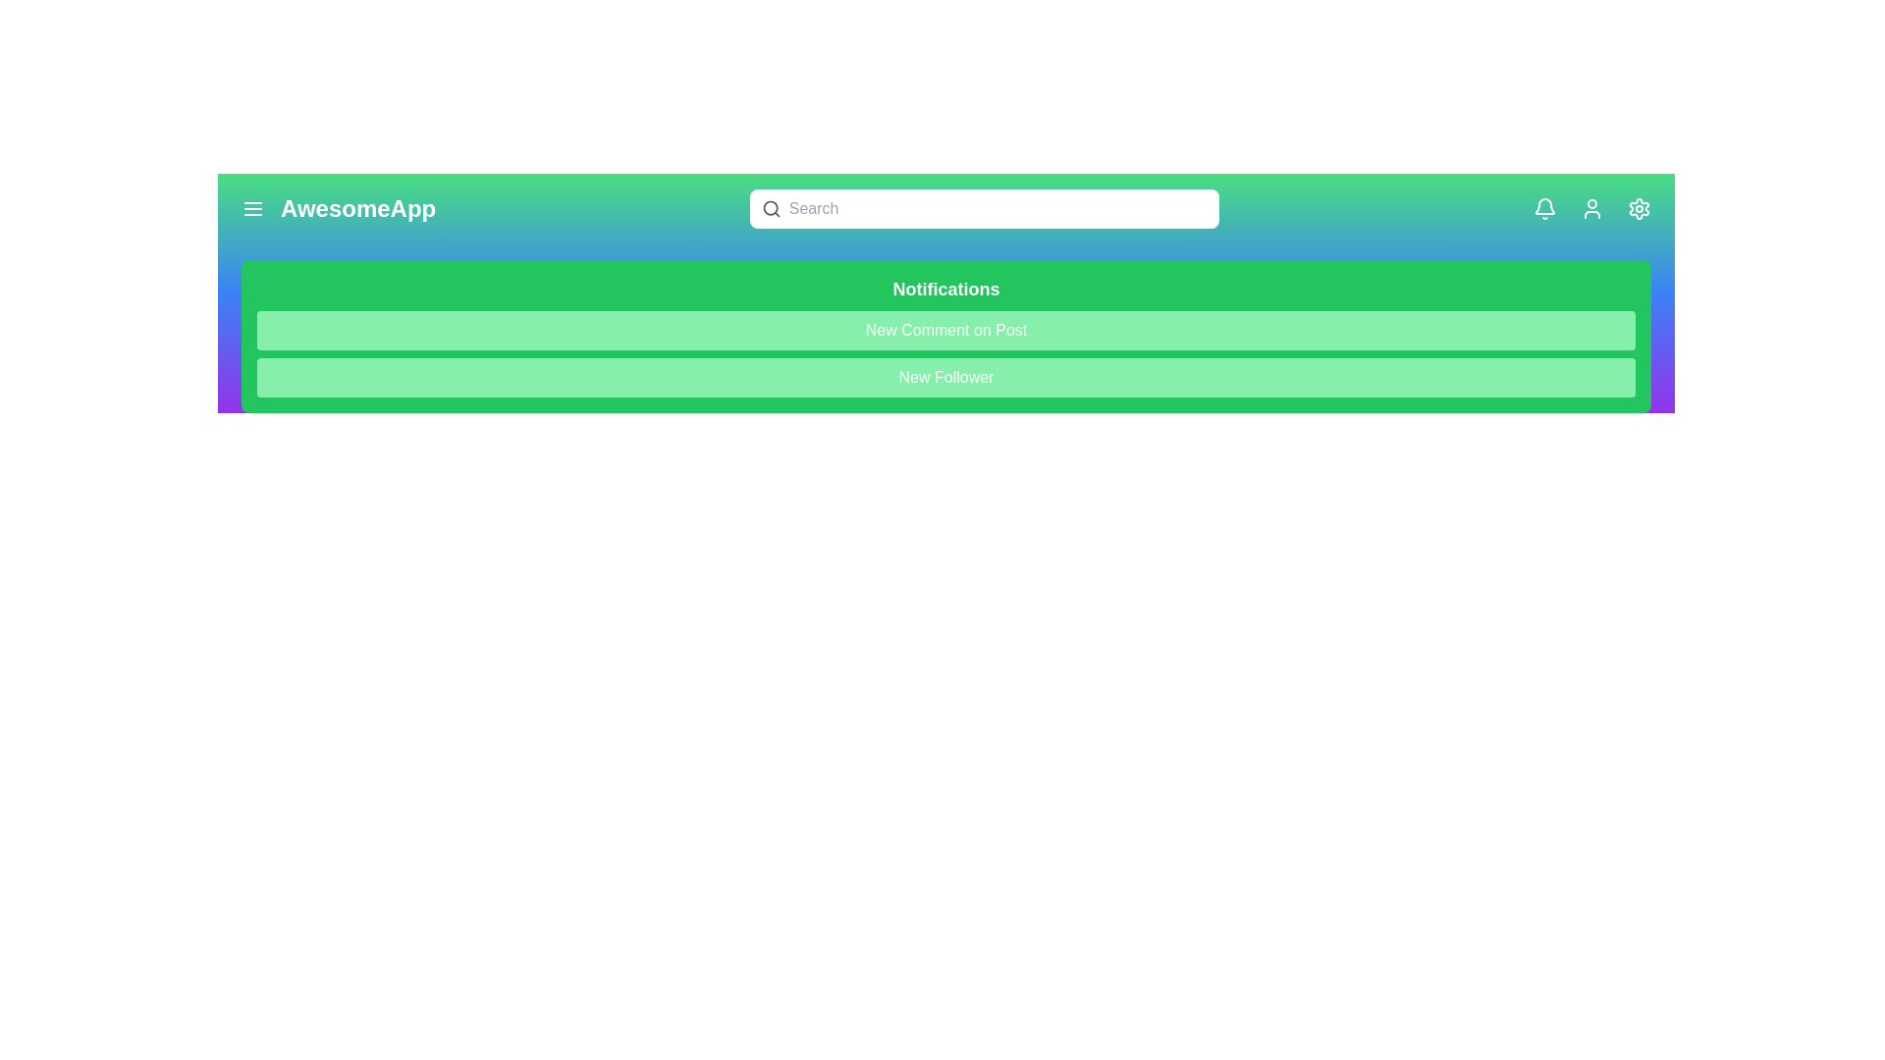 This screenshot has width=1885, height=1060. Describe the element at coordinates (770, 208) in the screenshot. I see `the magnifying glass icon located on the left side of the search bar at the top of the interface` at that location.